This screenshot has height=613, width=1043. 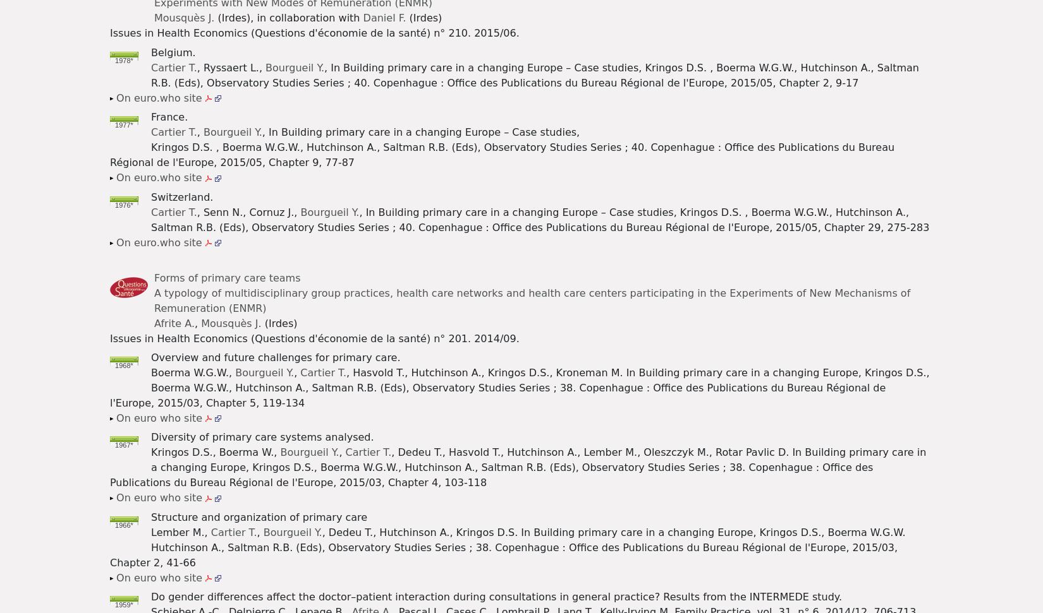 I want to click on 'Afrite A.', so click(x=823, y=113).